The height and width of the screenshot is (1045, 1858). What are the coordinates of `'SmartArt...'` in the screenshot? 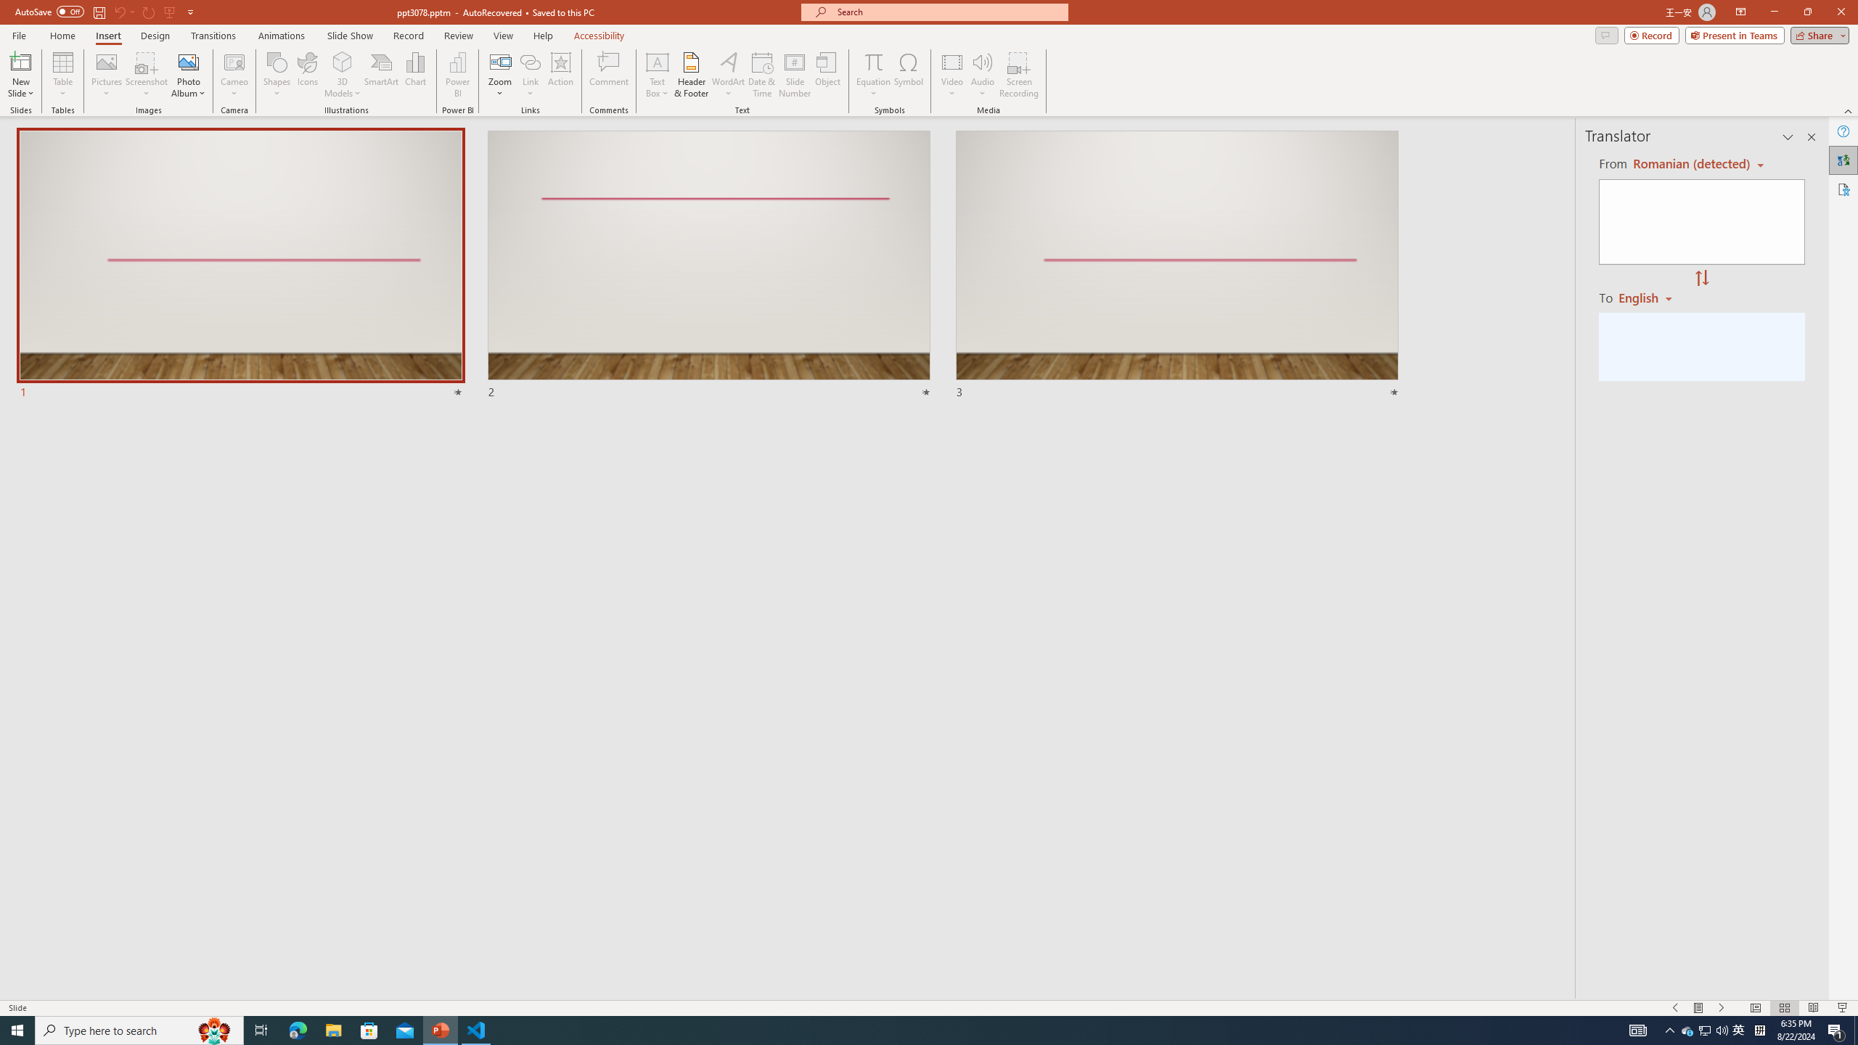 It's located at (381, 75).